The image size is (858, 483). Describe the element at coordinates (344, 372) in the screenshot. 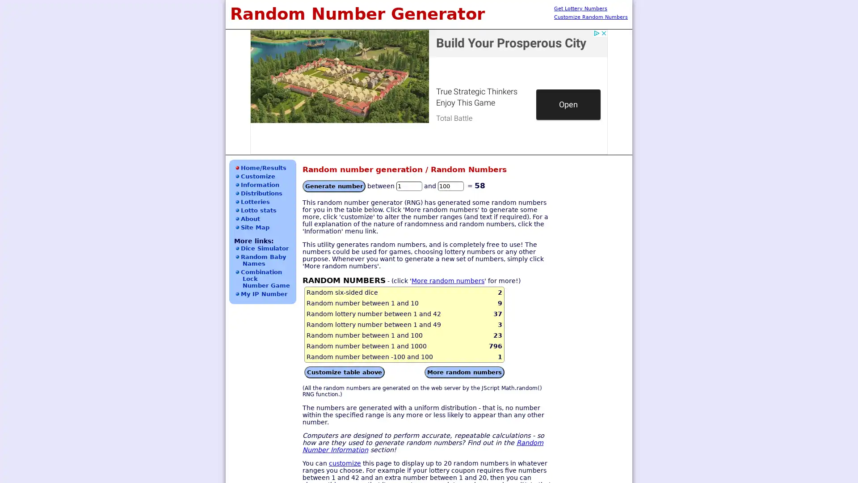

I see `Customize table above` at that location.